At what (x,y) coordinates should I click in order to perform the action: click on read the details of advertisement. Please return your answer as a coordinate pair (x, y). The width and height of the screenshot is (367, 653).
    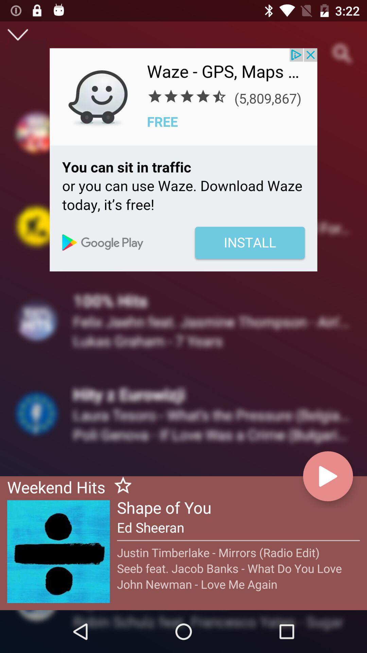
    Looking at the image, I should click on (183, 159).